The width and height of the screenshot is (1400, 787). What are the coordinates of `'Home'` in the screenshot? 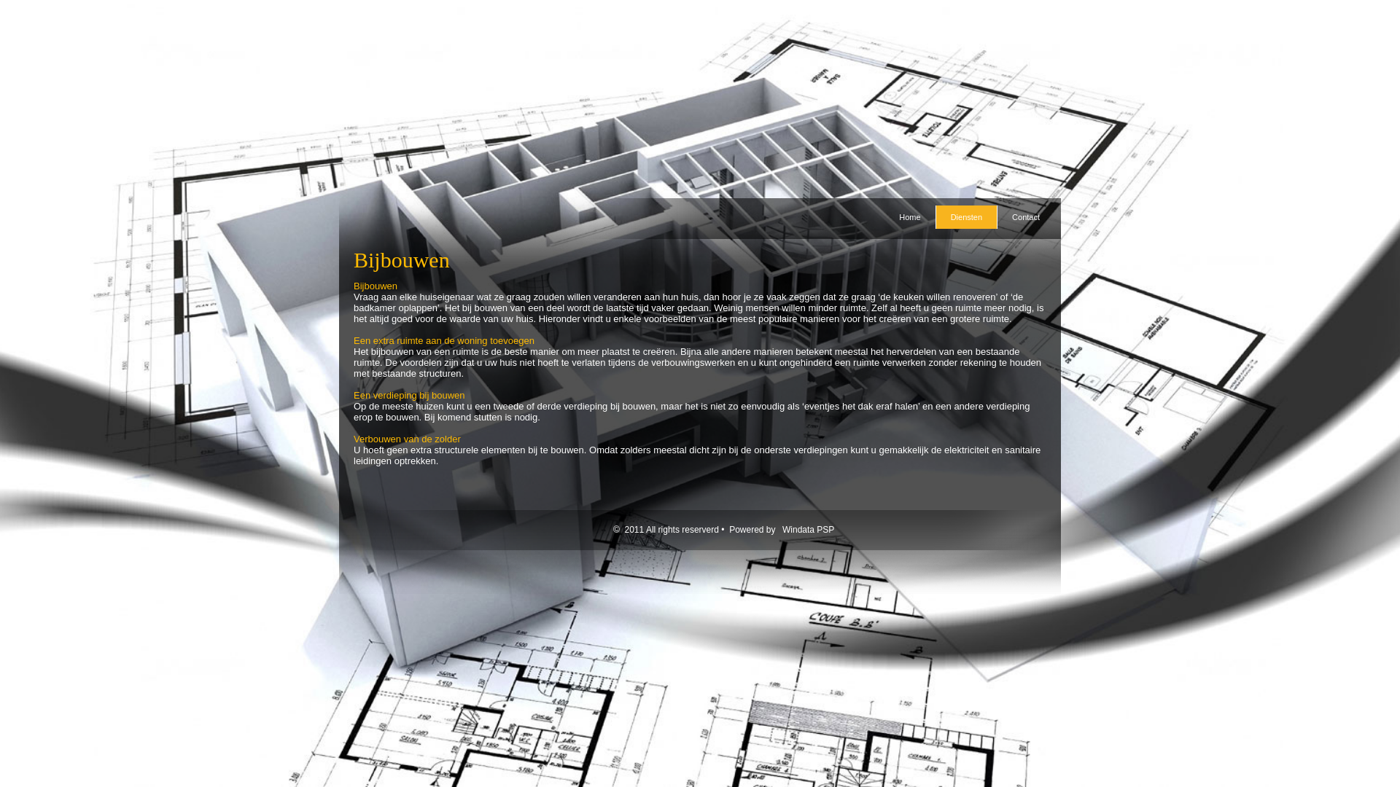 It's located at (909, 216).